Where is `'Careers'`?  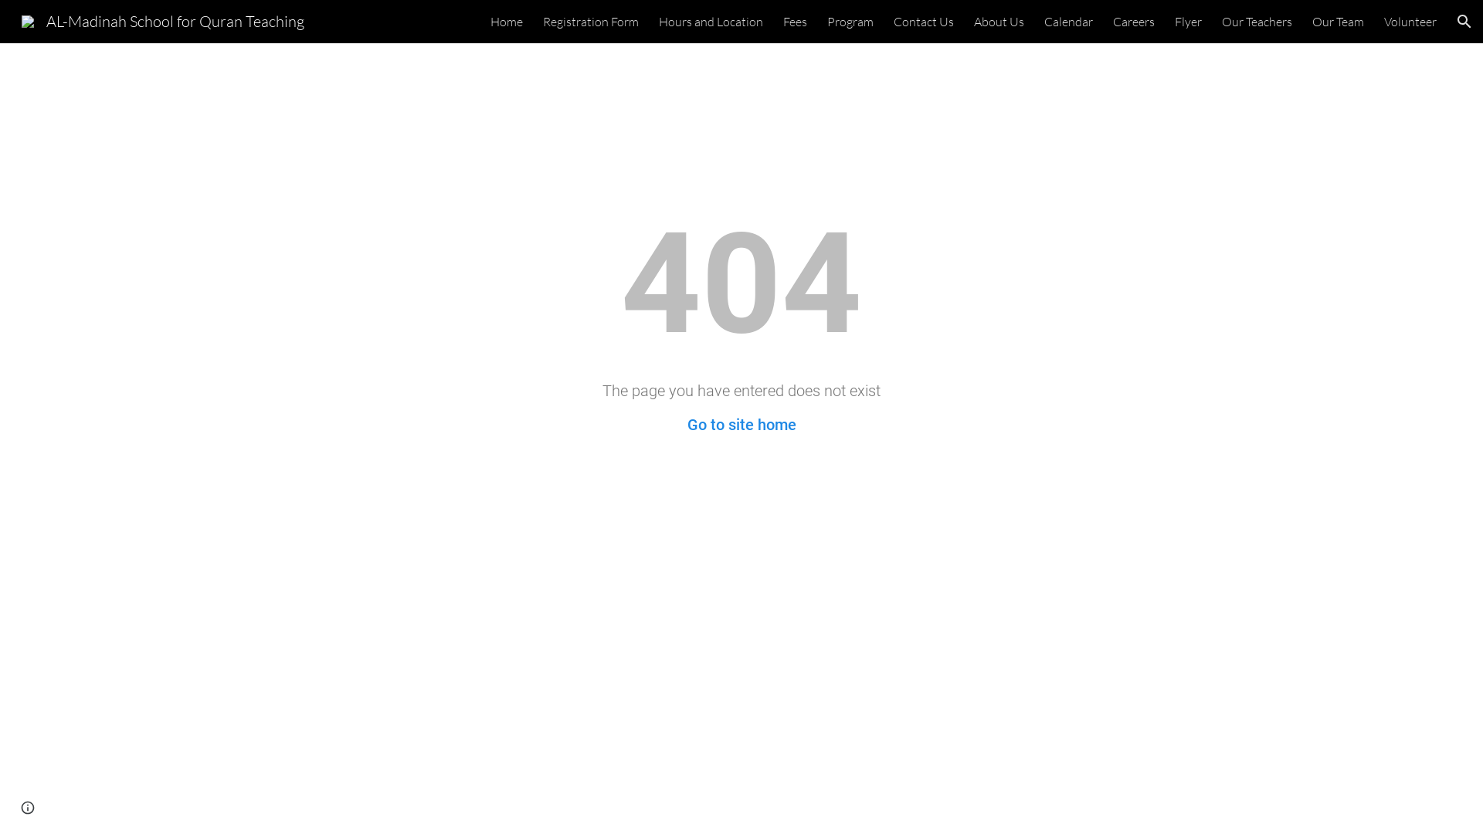
'Careers' is located at coordinates (1134, 21).